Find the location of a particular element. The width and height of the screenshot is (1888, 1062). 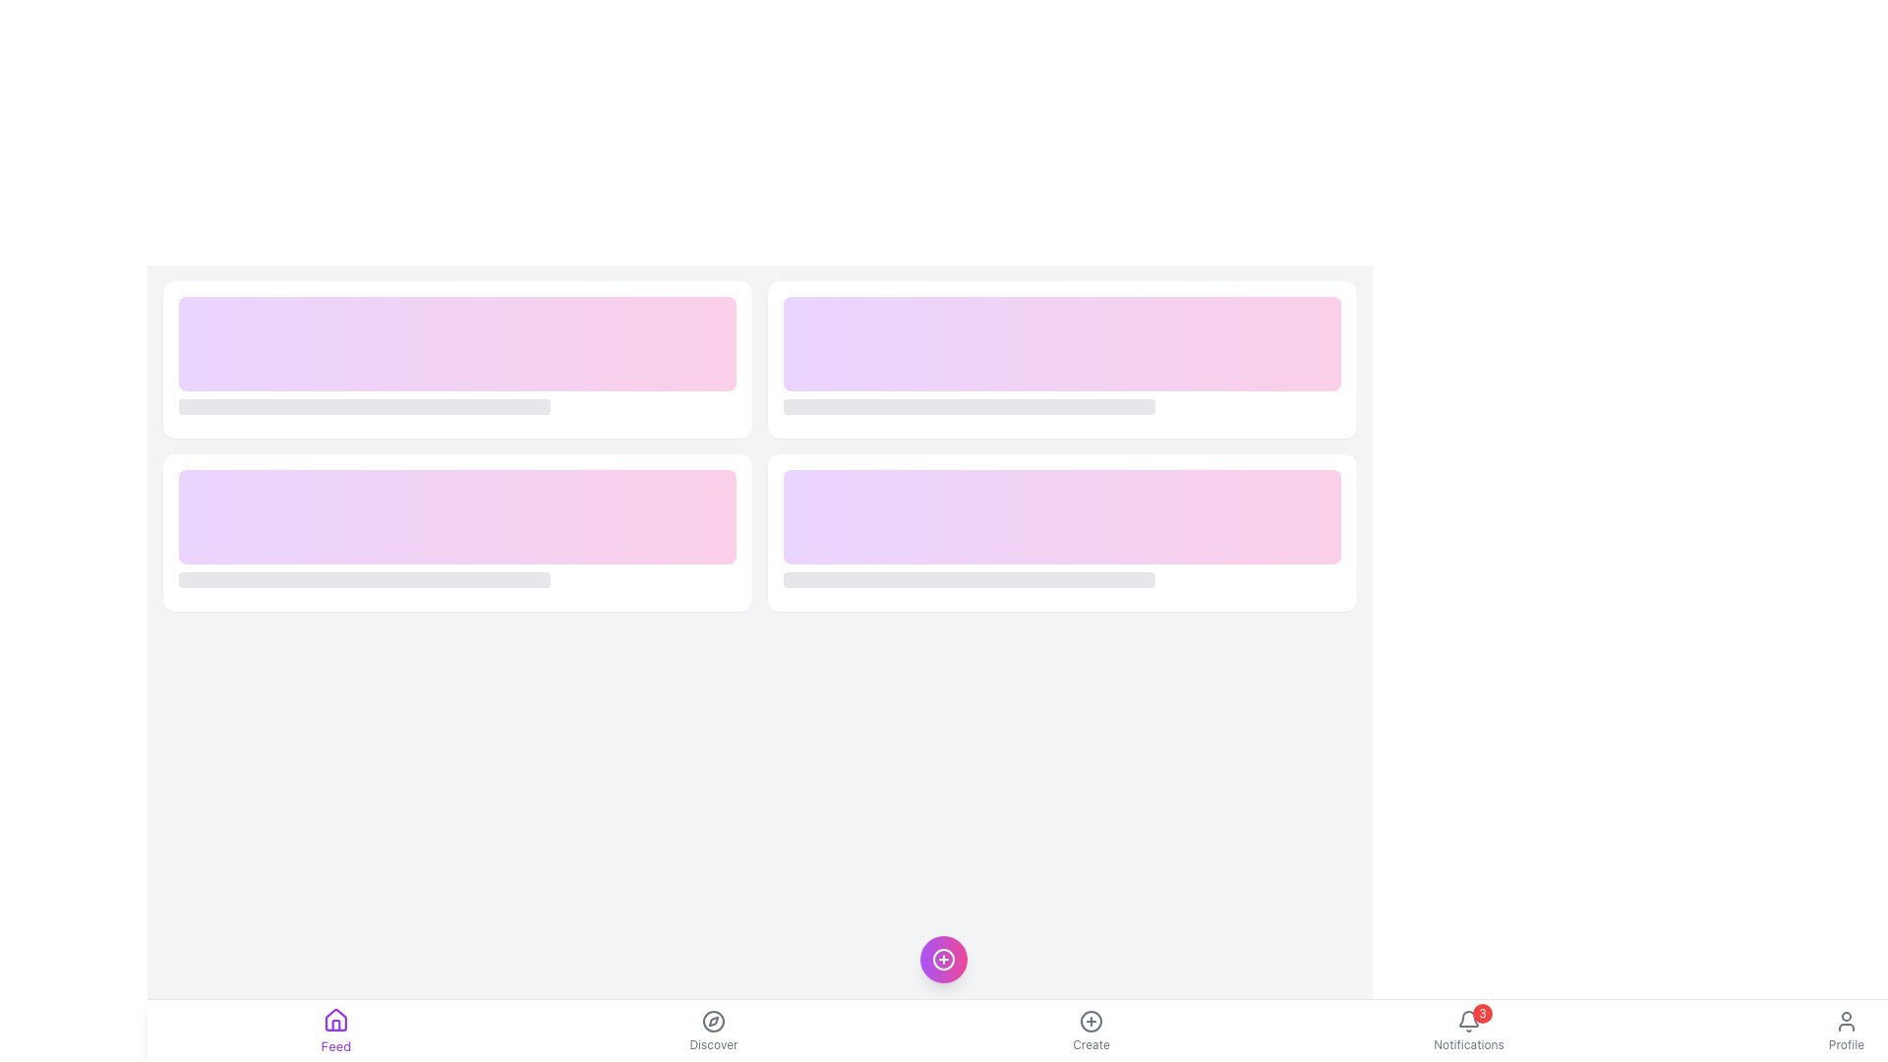

the user profile icon located in the bottom navigation bar on the far right is located at coordinates (1845, 1019).